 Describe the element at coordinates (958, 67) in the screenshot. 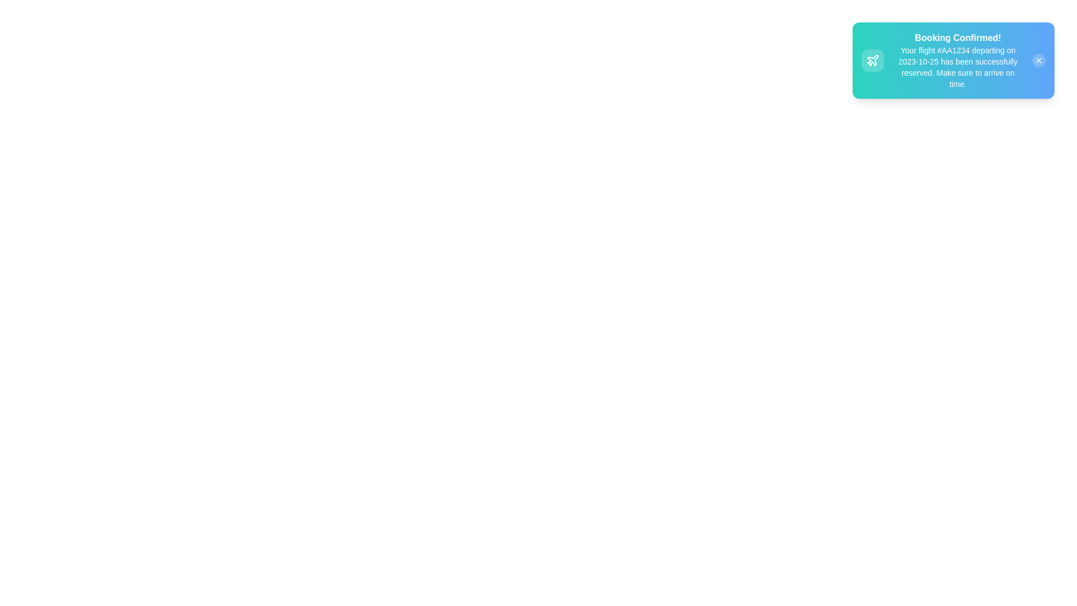

I see `the text label displaying flight reservation confirmation details, which is located below the 'Booking Confirmed!' header` at that location.